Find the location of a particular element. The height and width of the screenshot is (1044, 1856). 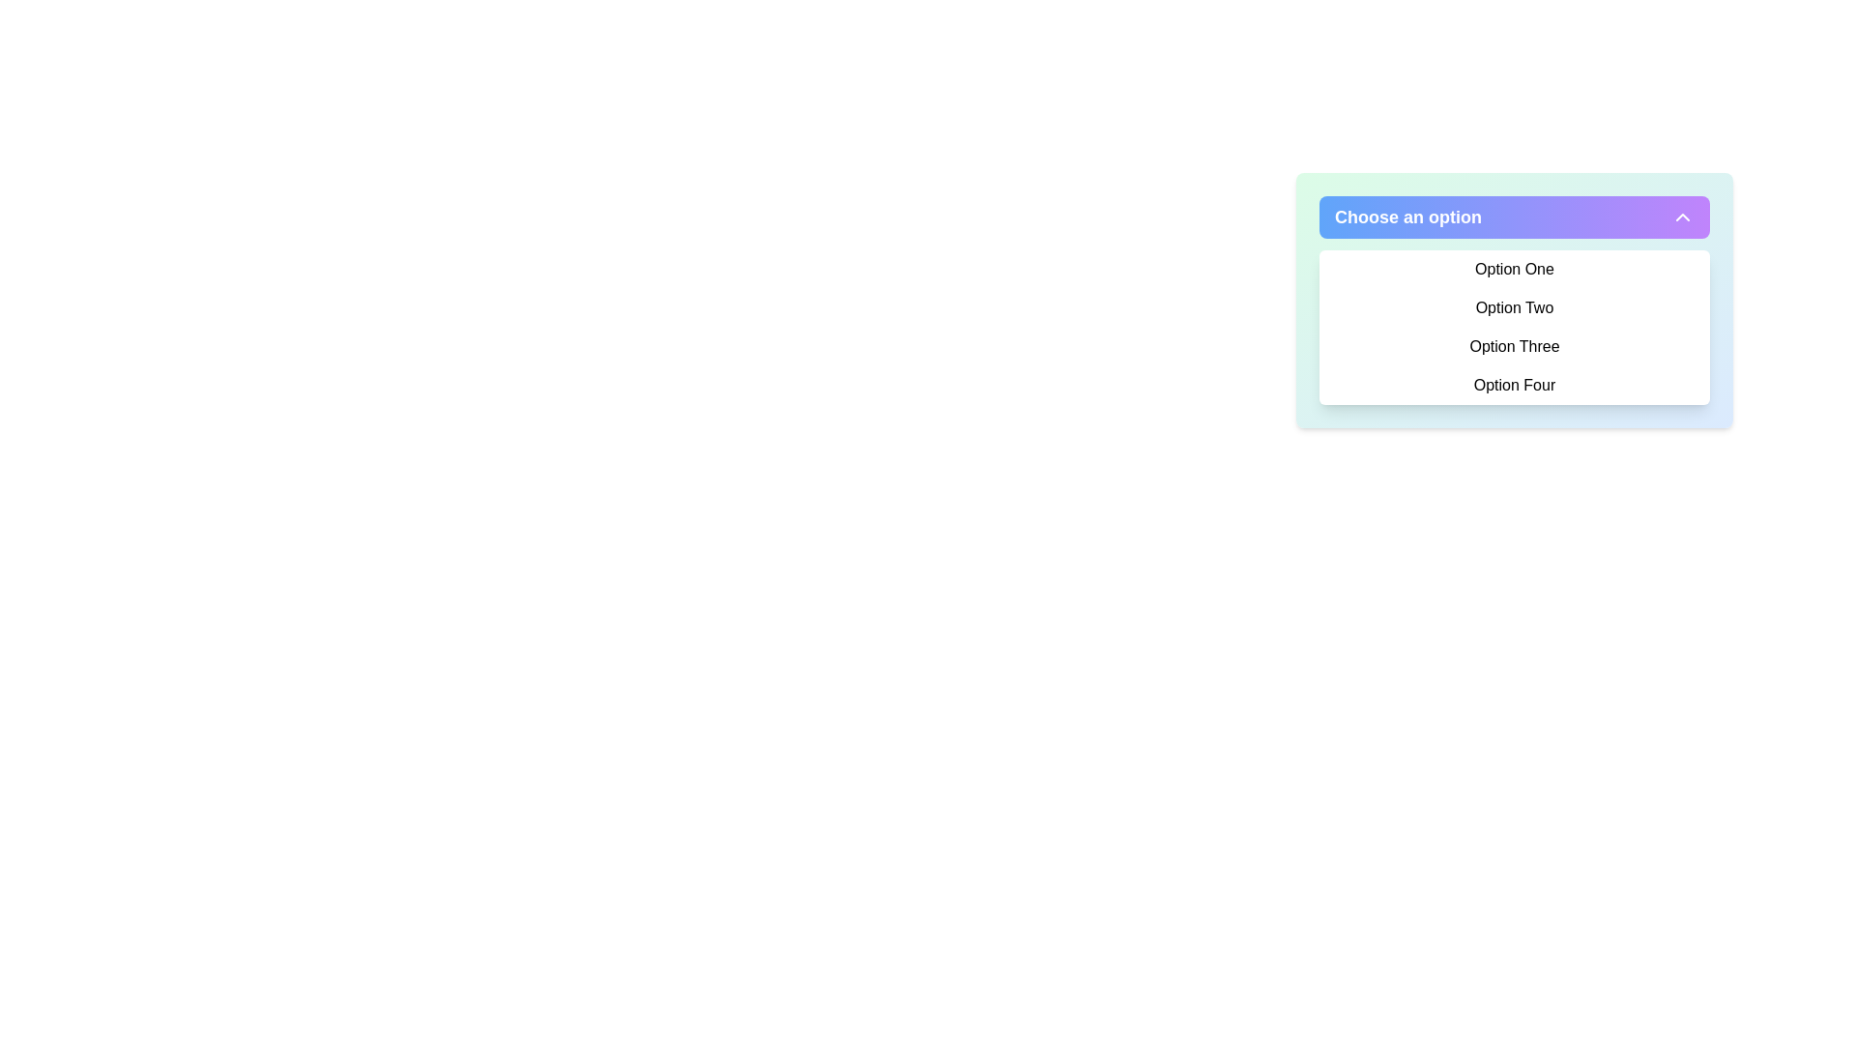

the dropdown menu item displaying 'Option One' is located at coordinates (1513, 269).